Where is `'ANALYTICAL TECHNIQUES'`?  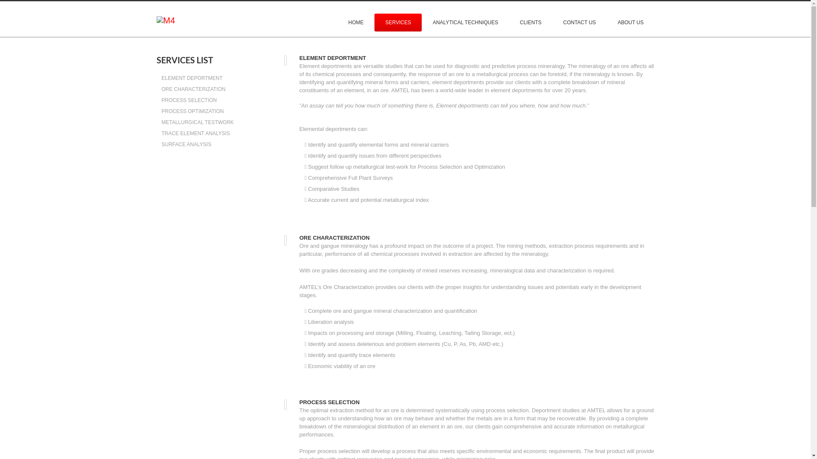
'ANALYTICAL TECHNIQUES' is located at coordinates (465, 22).